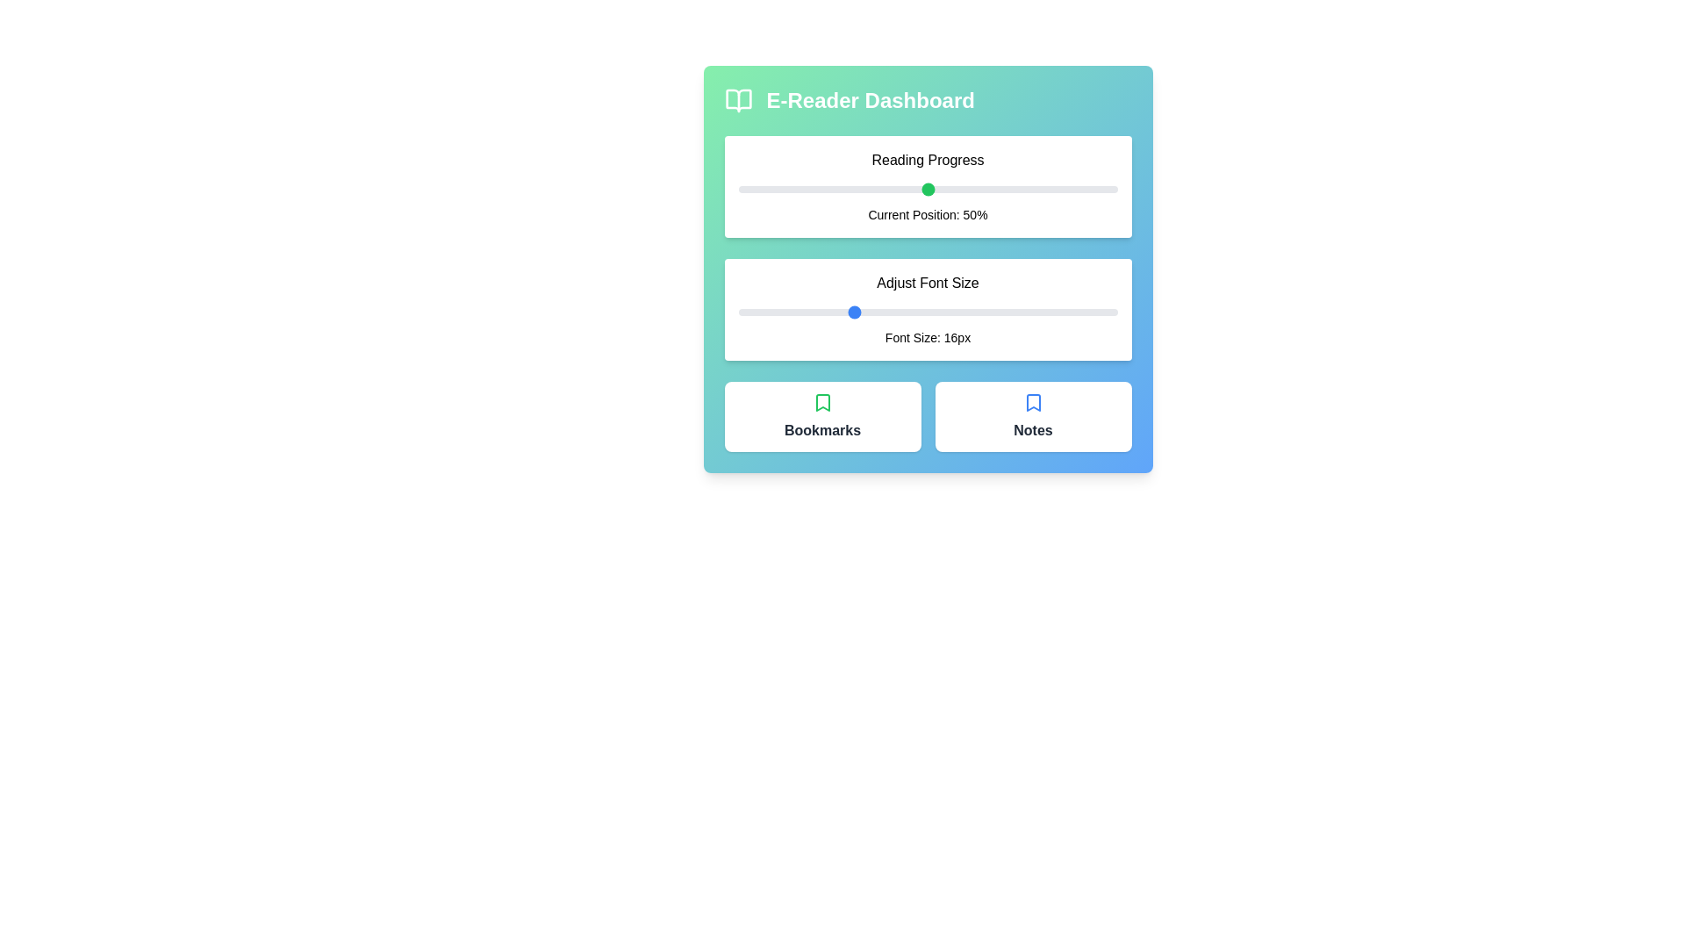  What do you see at coordinates (1033, 416) in the screenshot?
I see `the 'Notes' button to access notes` at bounding box center [1033, 416].